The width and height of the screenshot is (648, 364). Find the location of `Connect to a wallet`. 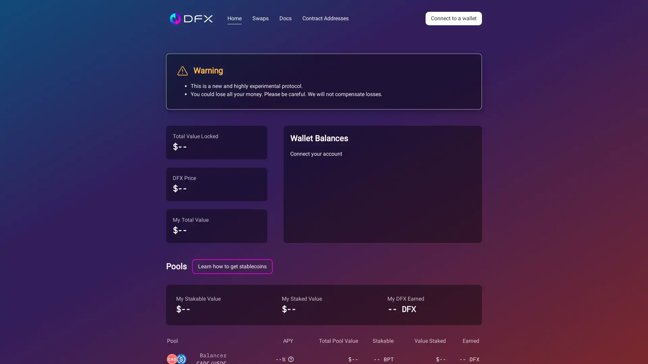

Connect to a wallet is located at coordinates (454, 18).